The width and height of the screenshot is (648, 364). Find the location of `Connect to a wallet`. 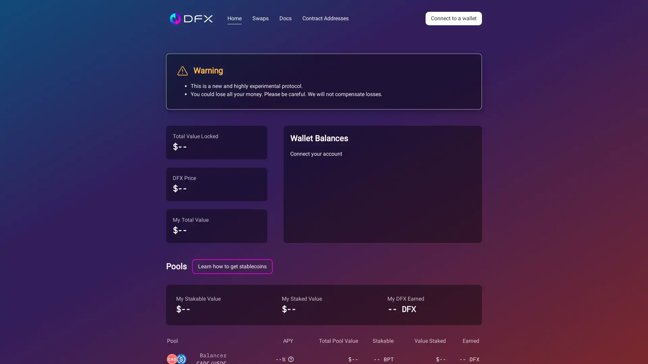

Connect to a wallet is located at coordinates (454, 18).